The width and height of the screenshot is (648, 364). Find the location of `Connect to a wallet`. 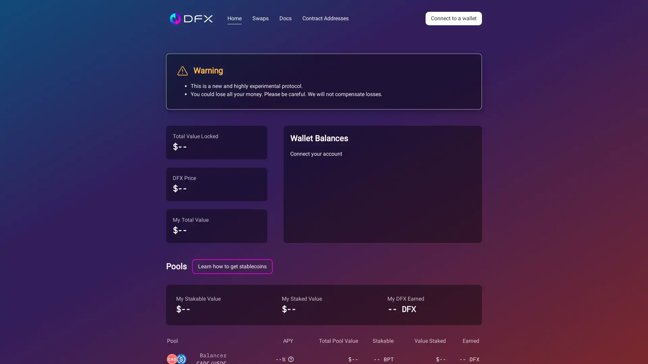

Connect to a wallet is located at coordinates (454, 18).